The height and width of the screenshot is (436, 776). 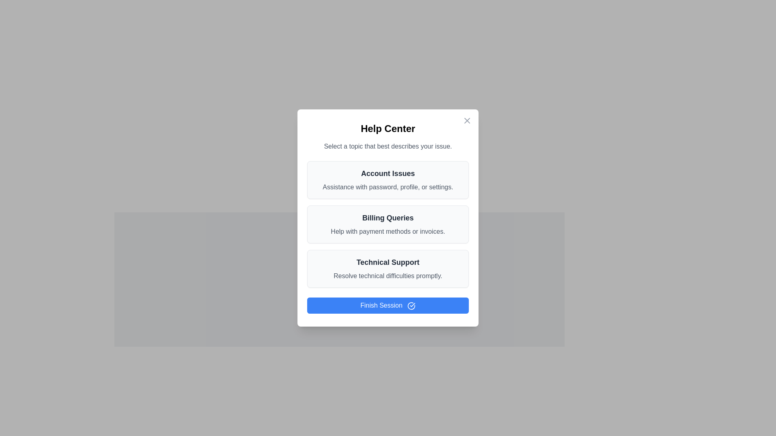 I want to click on properties of the smaller intersecting line within the 'X' close button icon located at the top-right corner of the dialog window, so click(x=467, y=121).